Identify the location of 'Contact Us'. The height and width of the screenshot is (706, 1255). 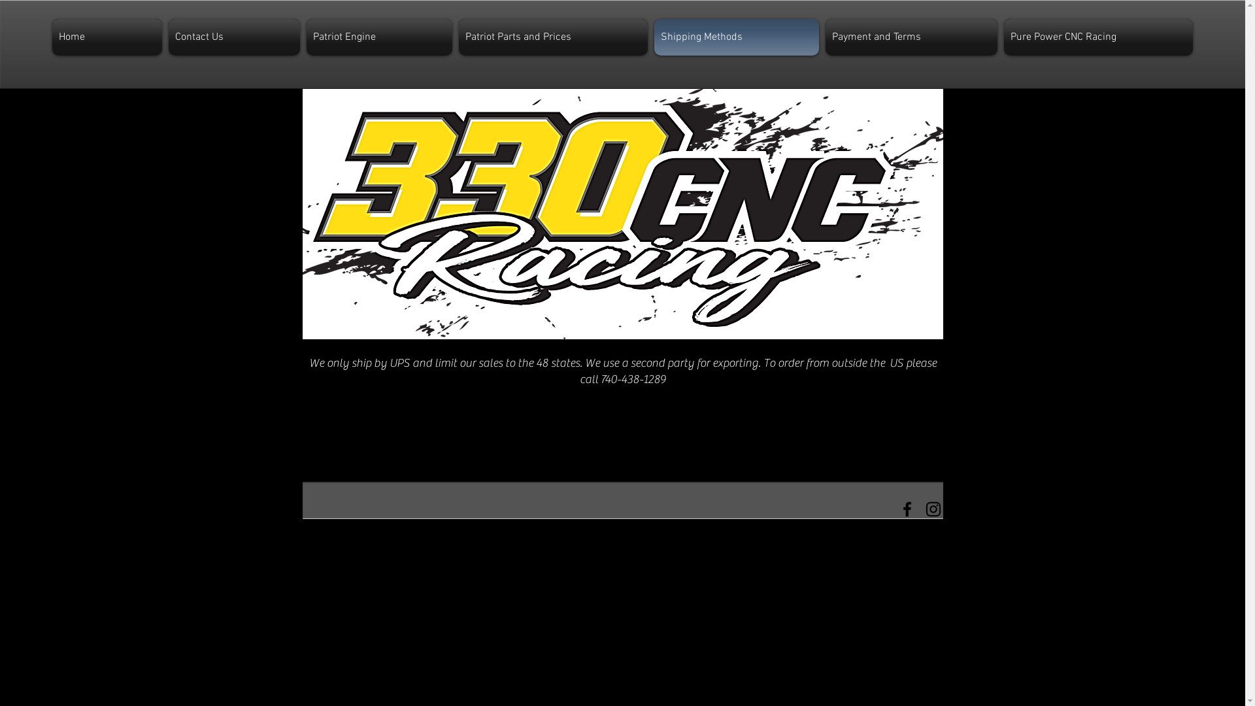
(234, 37).